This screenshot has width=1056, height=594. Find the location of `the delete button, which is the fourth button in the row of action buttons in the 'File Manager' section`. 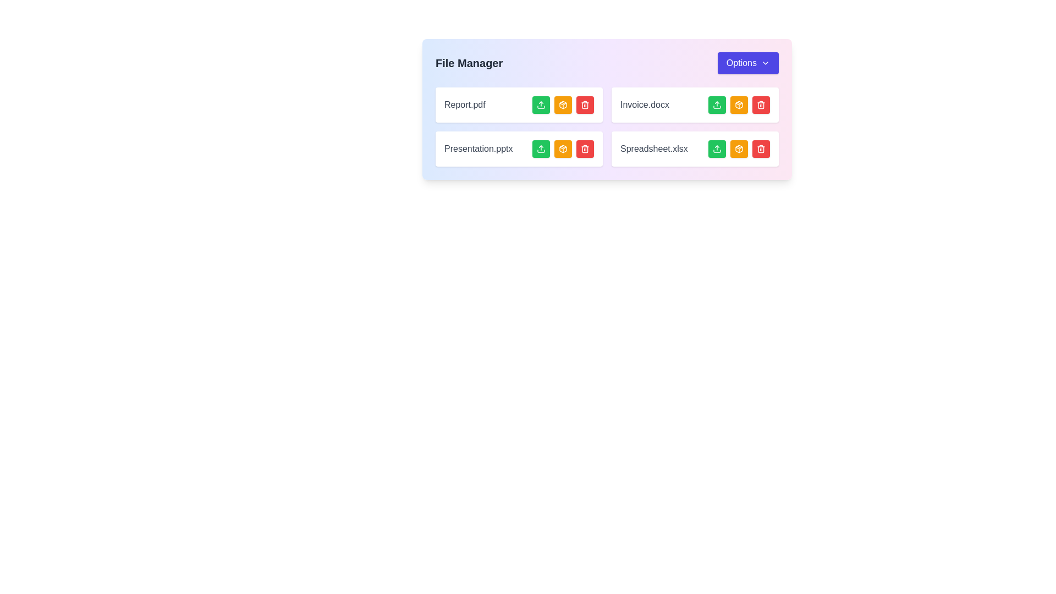

the delete button, which is the fourth button in the row of action buttons in the 'File Manager' section is located at coordinates (585, 105).